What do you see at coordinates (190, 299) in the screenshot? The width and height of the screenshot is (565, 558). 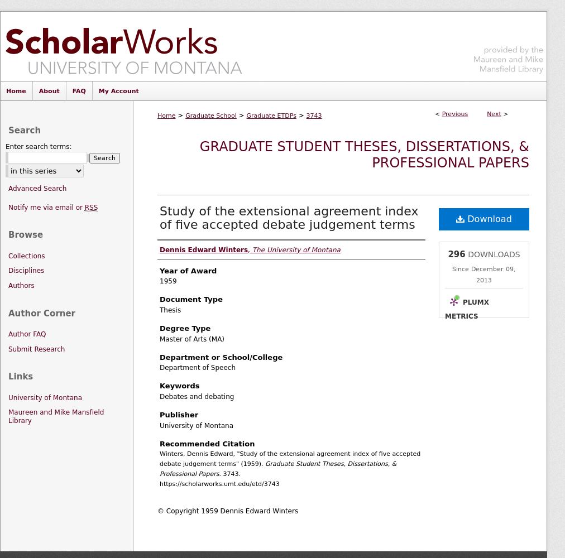 I see `'Document Type'` at bounding box center [190, 299].